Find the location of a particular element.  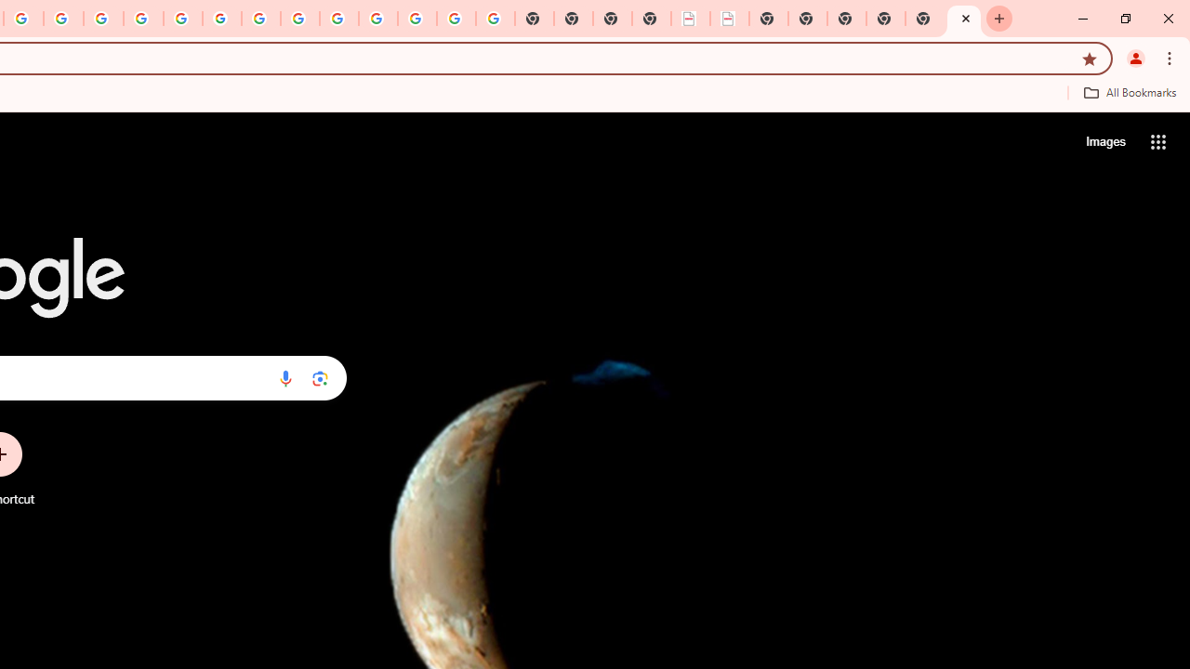

'YouTube' is located at coordinates (259, 19).